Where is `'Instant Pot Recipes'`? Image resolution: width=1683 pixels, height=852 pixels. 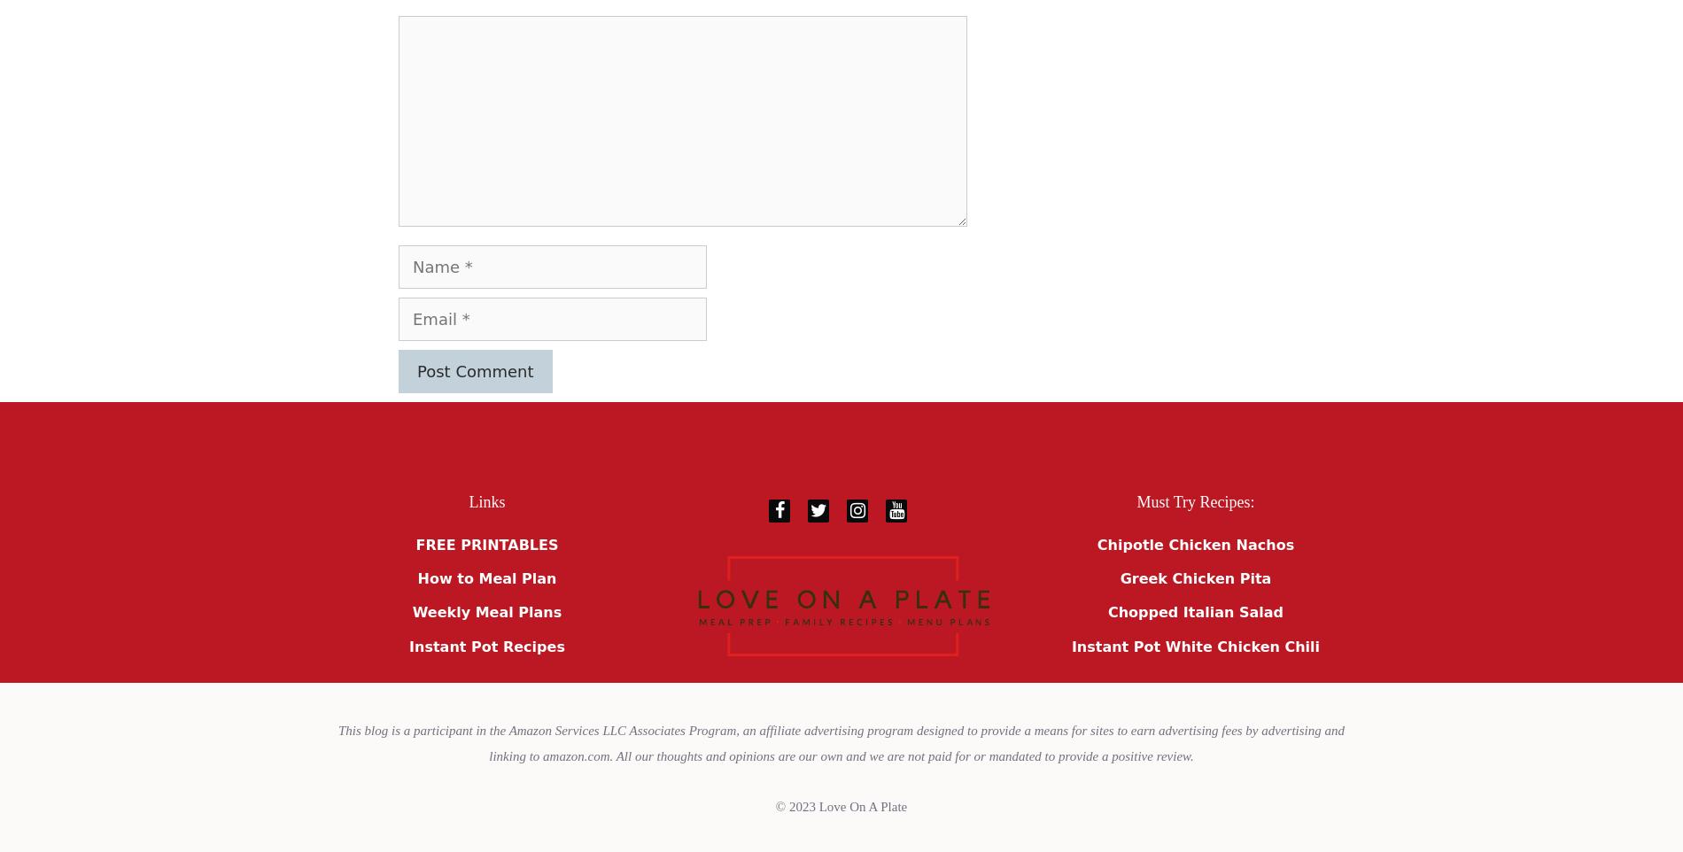 'Instant Pot Recipes' is located at coordinates (486, 646).